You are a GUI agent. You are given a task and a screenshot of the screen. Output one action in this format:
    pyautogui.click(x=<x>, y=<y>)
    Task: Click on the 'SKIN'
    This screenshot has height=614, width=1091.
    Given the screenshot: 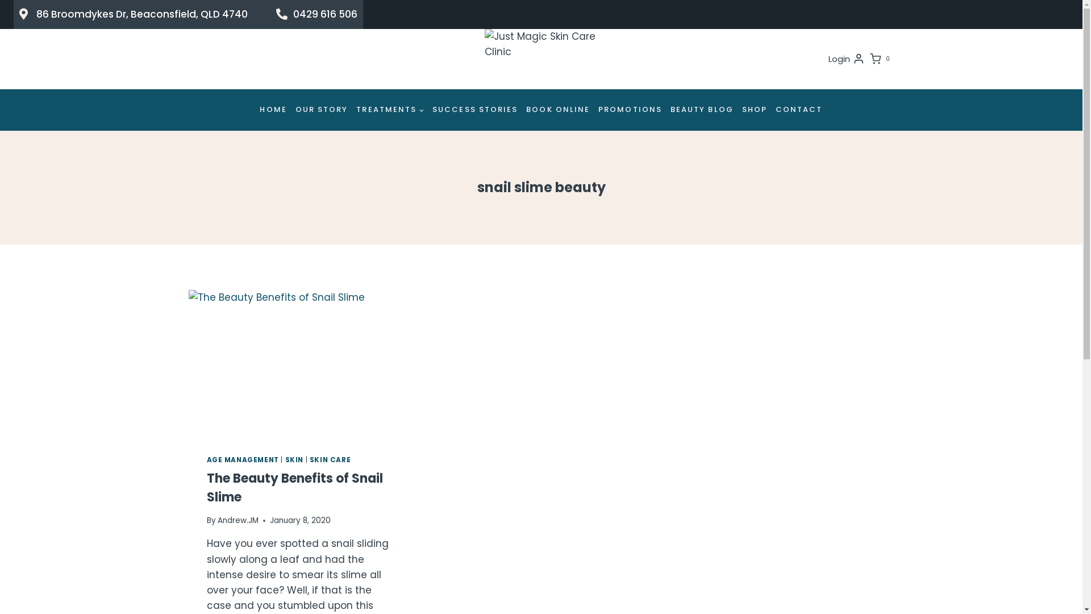 What is the action you would take?
    pyautogui.click(x=294, y=459)
    